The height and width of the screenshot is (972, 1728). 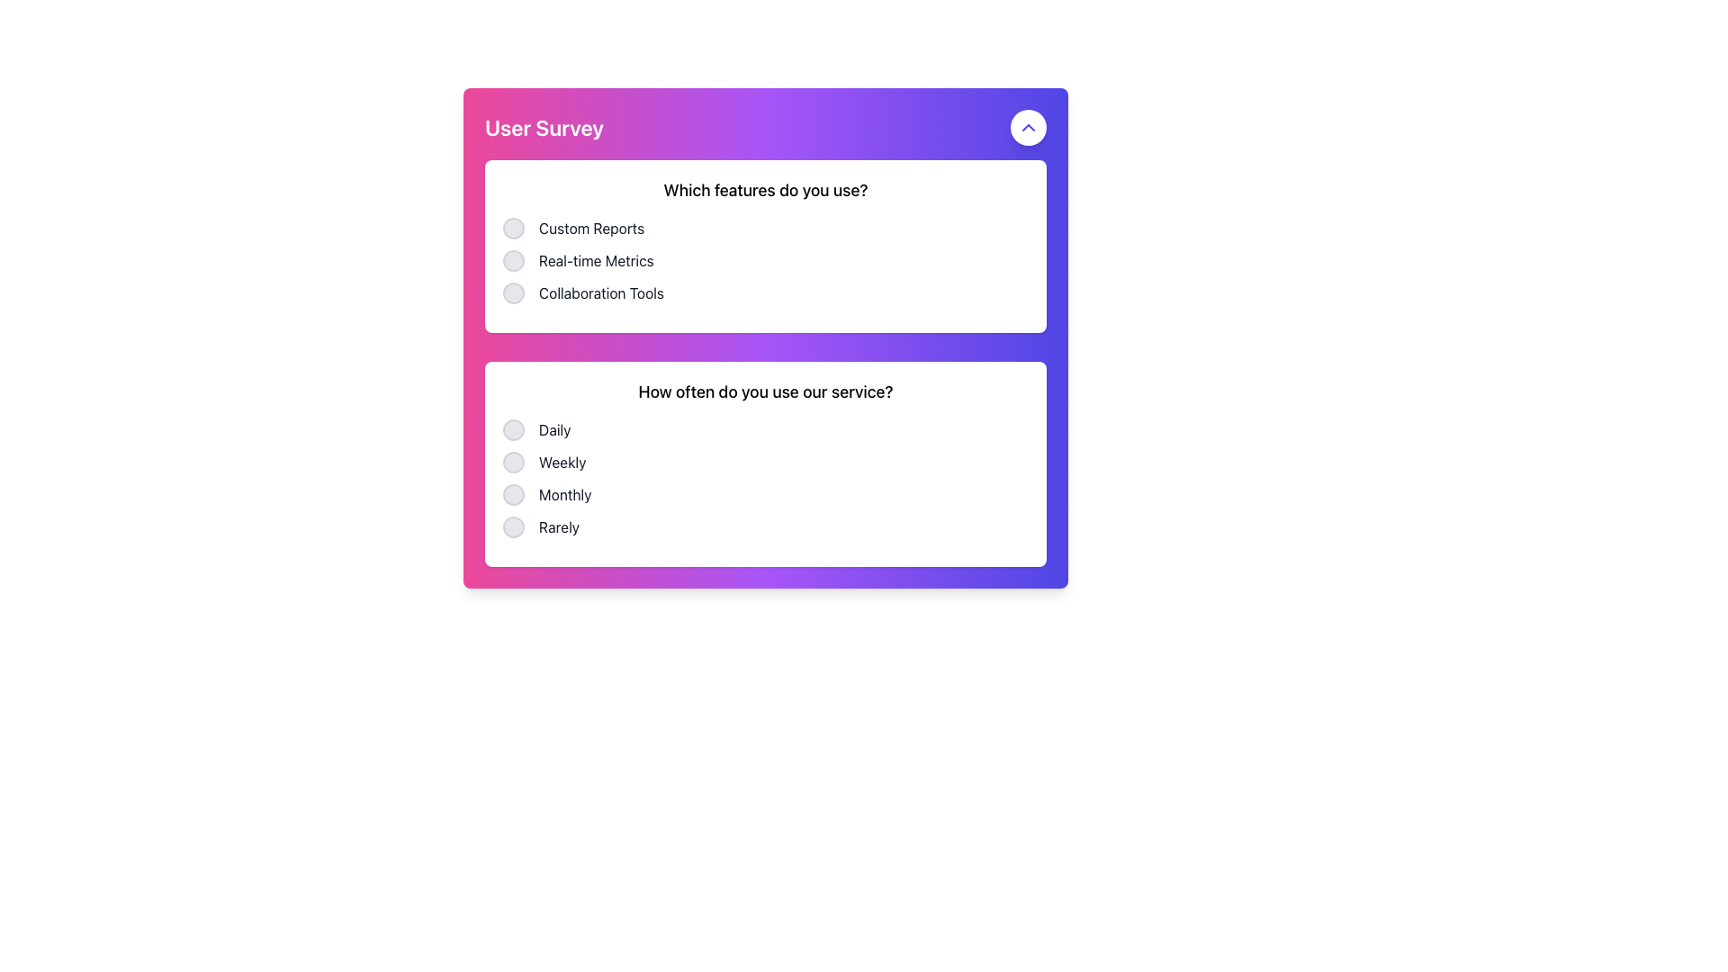 I want to click on the 'Rarely' radio button option in the user survey, so click(x=765, y=526).